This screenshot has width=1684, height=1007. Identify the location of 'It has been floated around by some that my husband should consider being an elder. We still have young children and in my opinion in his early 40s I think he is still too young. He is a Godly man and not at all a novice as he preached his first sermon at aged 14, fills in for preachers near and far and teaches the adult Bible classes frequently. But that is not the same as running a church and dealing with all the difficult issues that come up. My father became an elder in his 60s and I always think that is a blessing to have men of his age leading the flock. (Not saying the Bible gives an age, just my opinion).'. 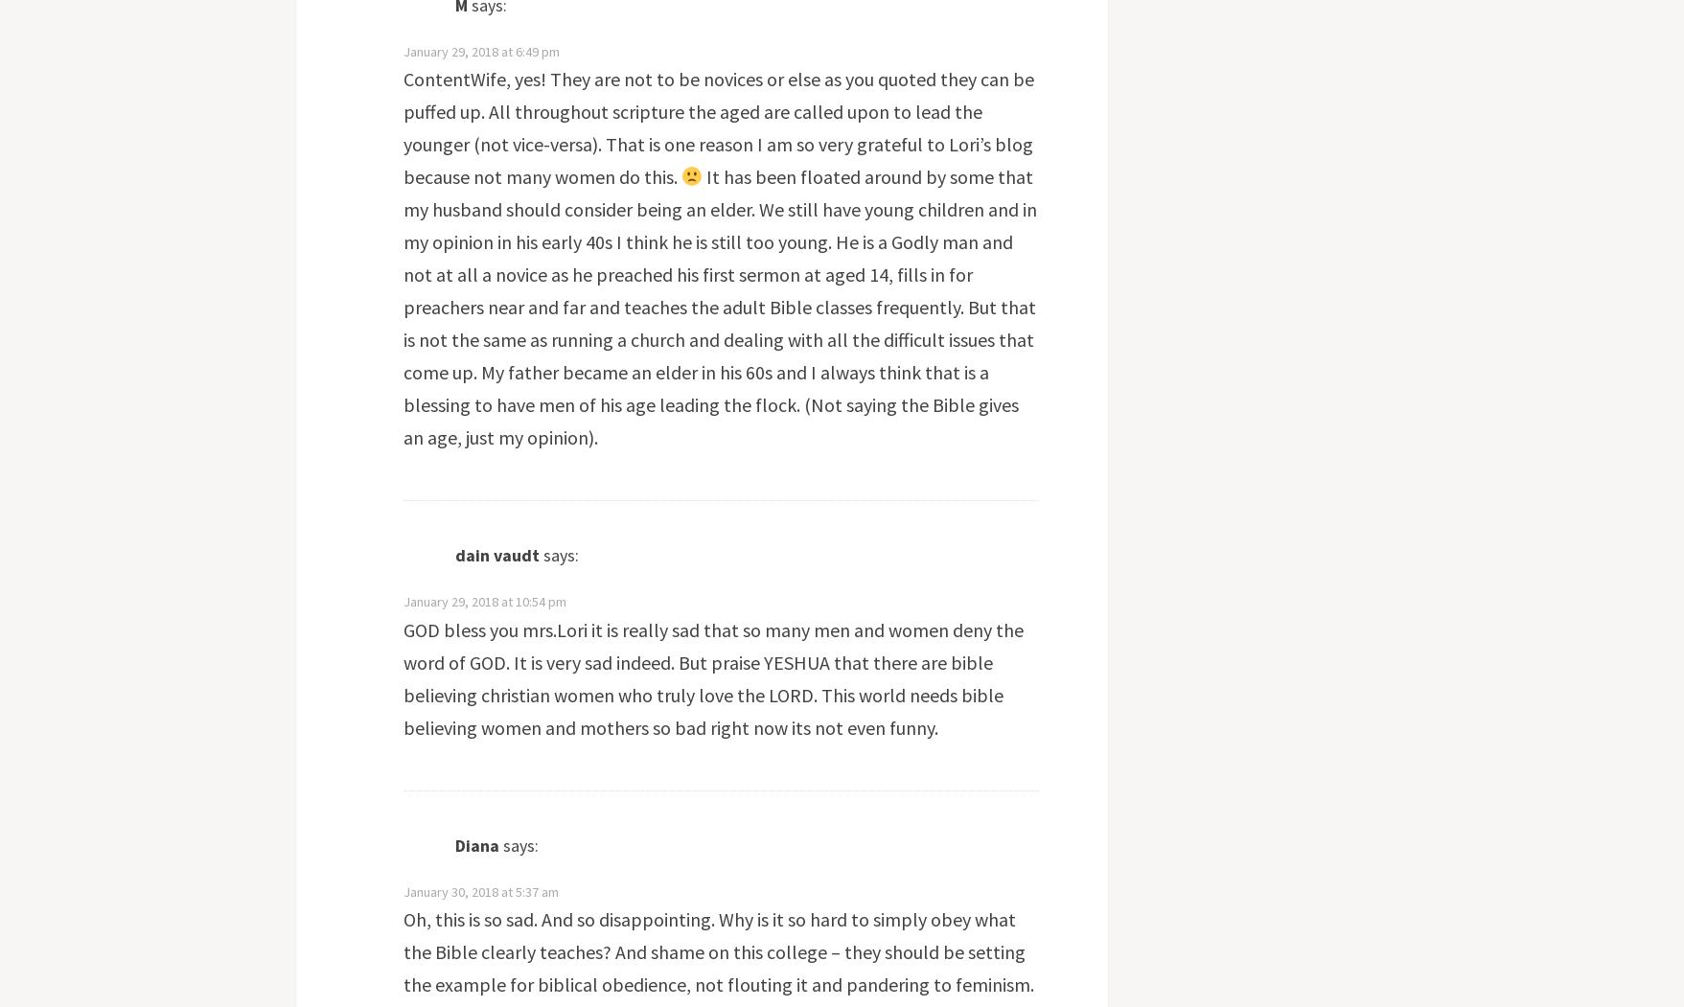
(718, 306).